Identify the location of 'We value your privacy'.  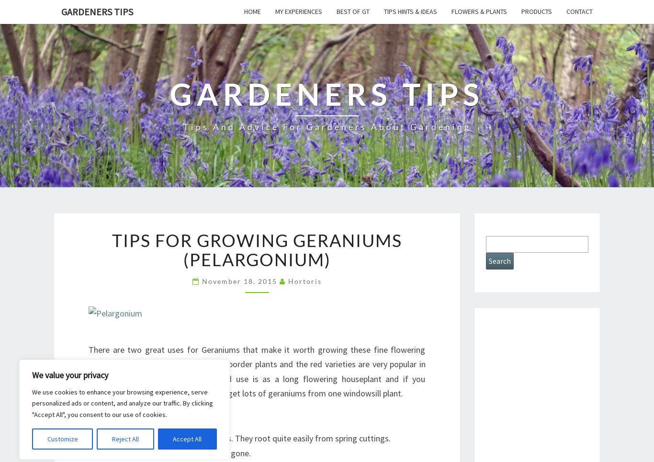
(32, 374).